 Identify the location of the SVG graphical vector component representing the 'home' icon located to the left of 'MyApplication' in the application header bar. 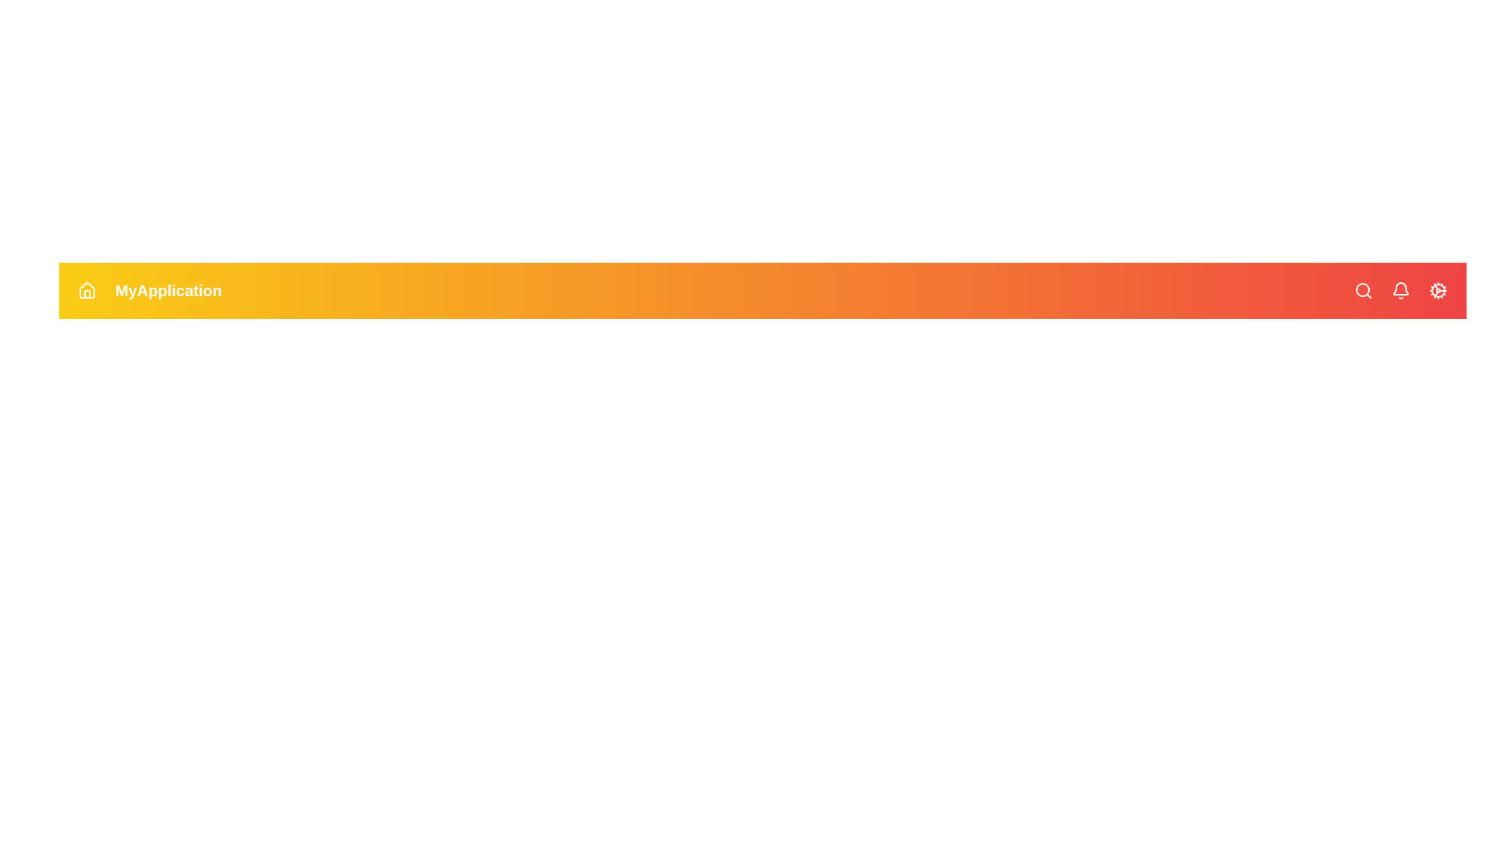
(86, 289).